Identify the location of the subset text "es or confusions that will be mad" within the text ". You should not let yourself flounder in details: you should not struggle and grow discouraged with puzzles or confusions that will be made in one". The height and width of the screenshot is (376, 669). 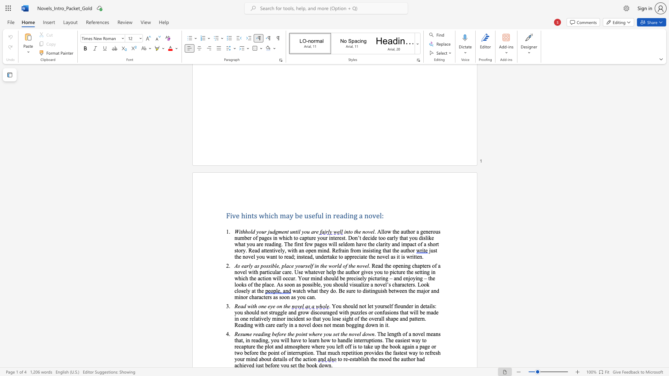
(362, 312).